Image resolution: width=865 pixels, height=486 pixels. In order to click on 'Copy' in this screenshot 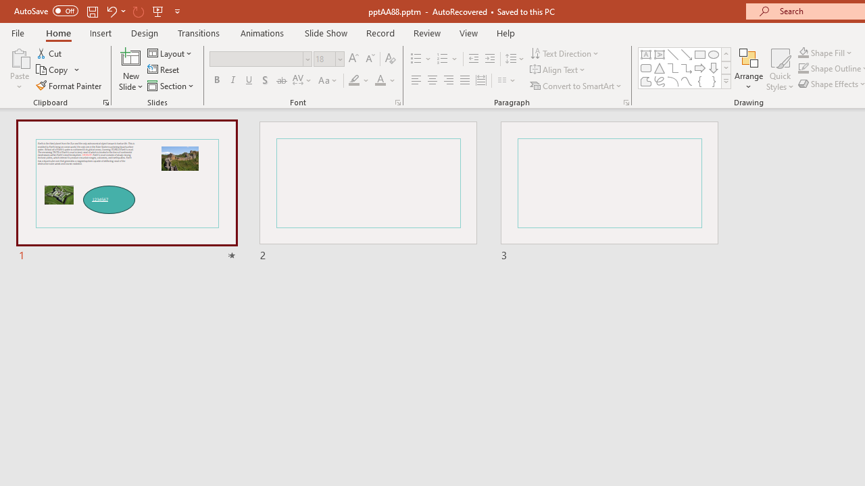, I will do `click(53, 70)`.